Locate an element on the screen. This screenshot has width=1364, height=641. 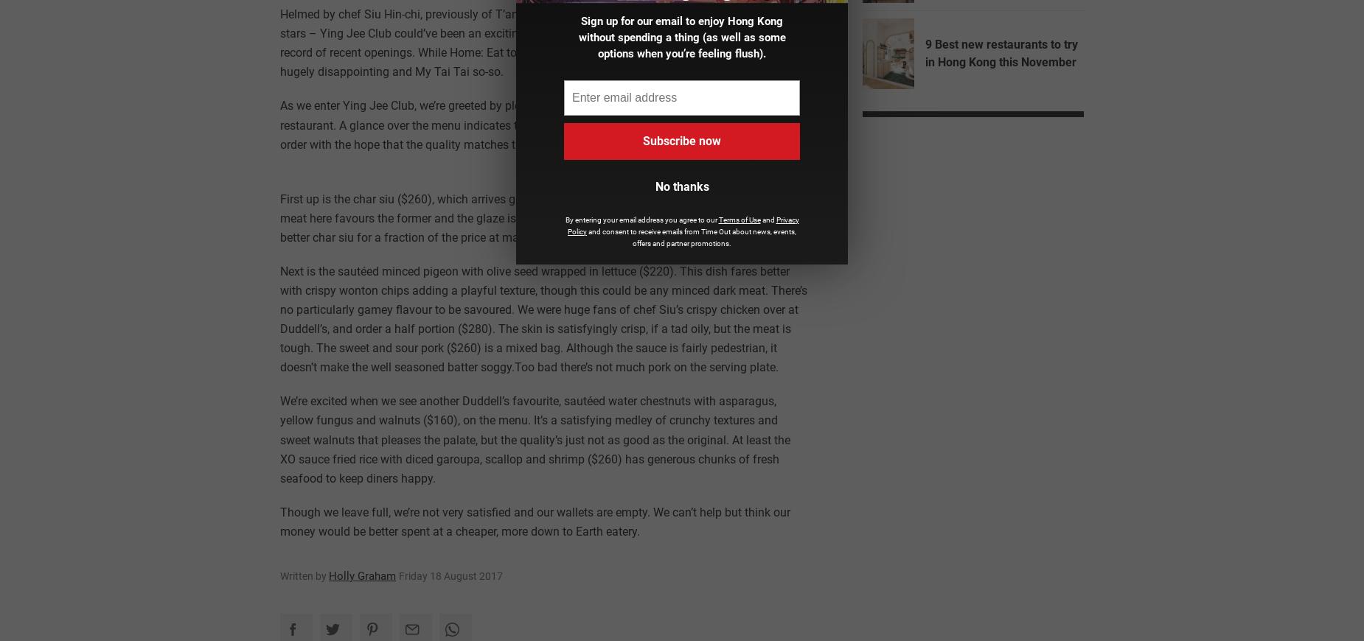
'and consent to receive emails from Time Out about news, events, offers and partner promotions.' is located at coordinates (587, 237).